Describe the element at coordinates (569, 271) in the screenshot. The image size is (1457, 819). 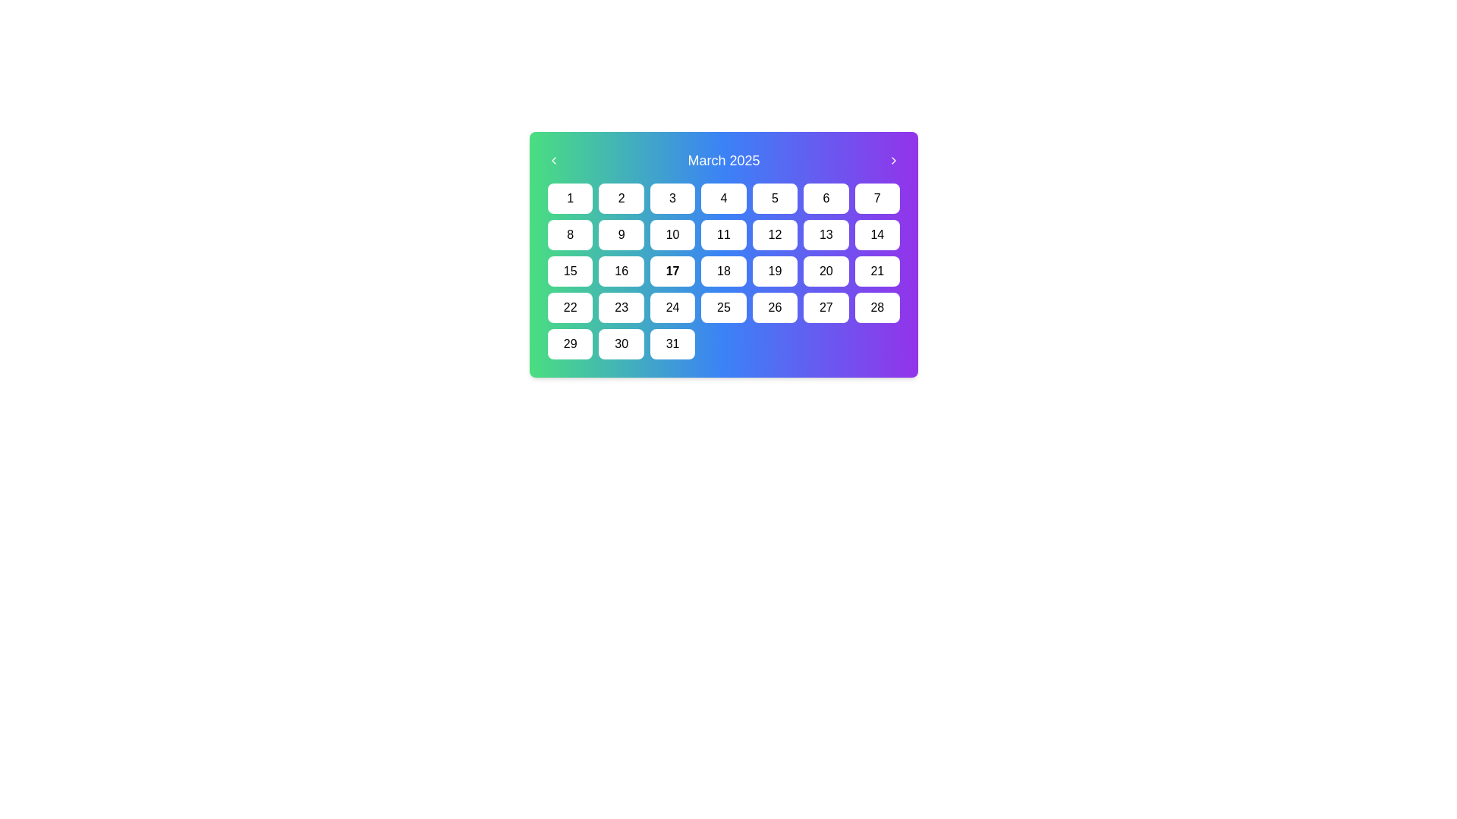
I see `the clickable date selector button for the 15th day in the calendar interface` at that location.